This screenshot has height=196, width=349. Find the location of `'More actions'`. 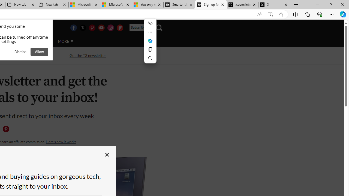

'More actions' is located at coordinates (150, 32).